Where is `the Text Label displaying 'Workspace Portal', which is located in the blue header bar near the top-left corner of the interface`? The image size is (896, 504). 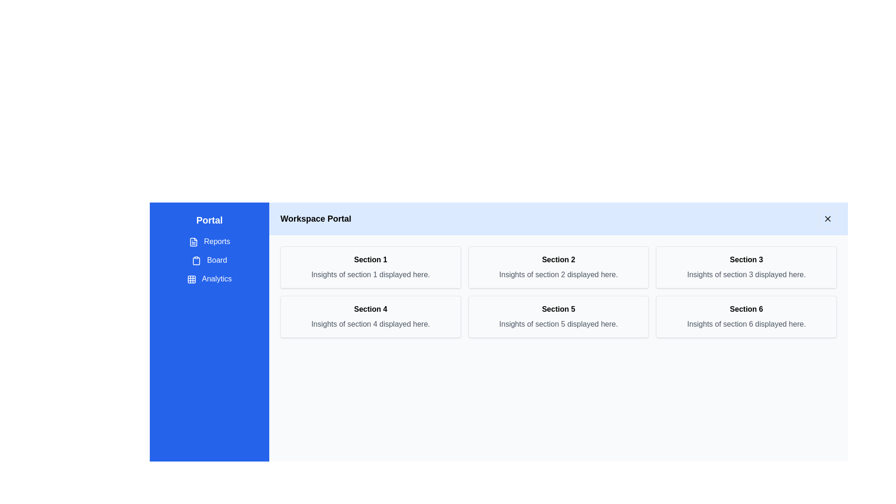
the Text Label displaying 'Workspace Portal', which is located in the blue header bar near the top-left corner of the interface is located at coordinates (315, 219).